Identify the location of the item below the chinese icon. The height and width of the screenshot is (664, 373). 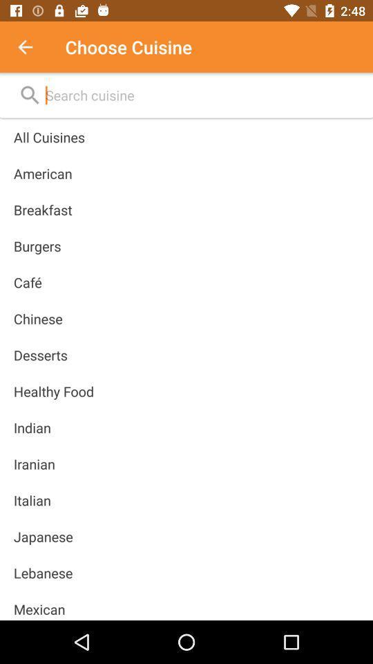
(40, 354).